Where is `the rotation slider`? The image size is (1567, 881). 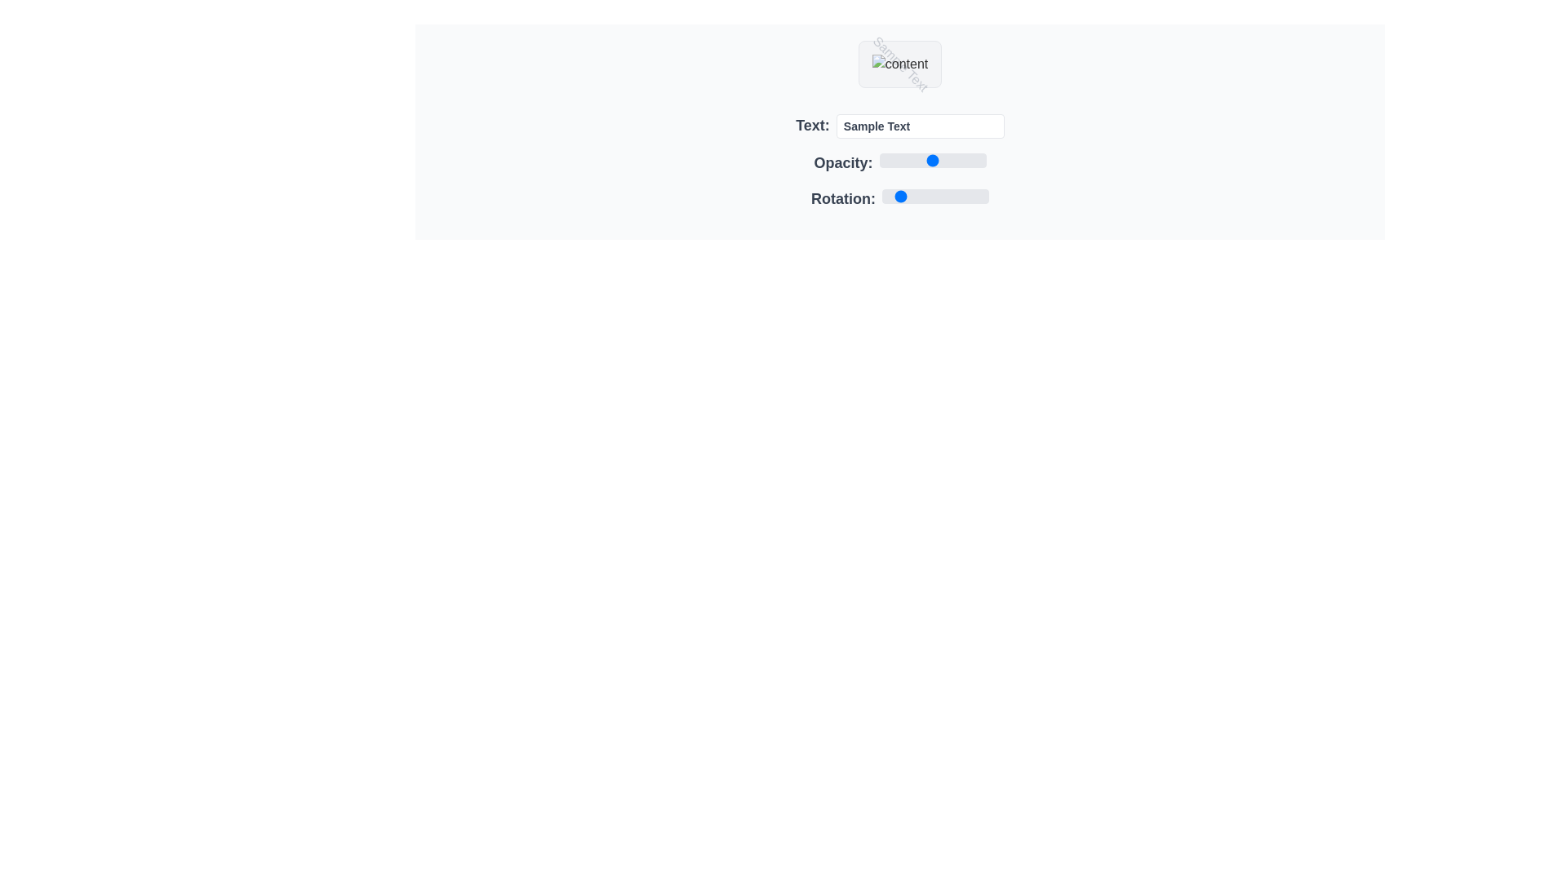 the rotation slider is located at coordinates (895, 195).